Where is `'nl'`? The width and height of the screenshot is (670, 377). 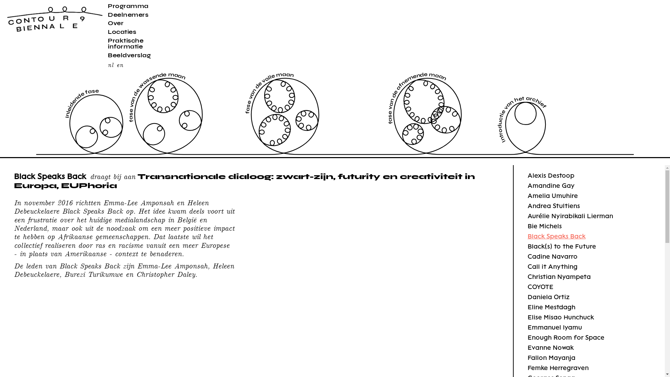
'nl' is located at coordinates (110, 65).